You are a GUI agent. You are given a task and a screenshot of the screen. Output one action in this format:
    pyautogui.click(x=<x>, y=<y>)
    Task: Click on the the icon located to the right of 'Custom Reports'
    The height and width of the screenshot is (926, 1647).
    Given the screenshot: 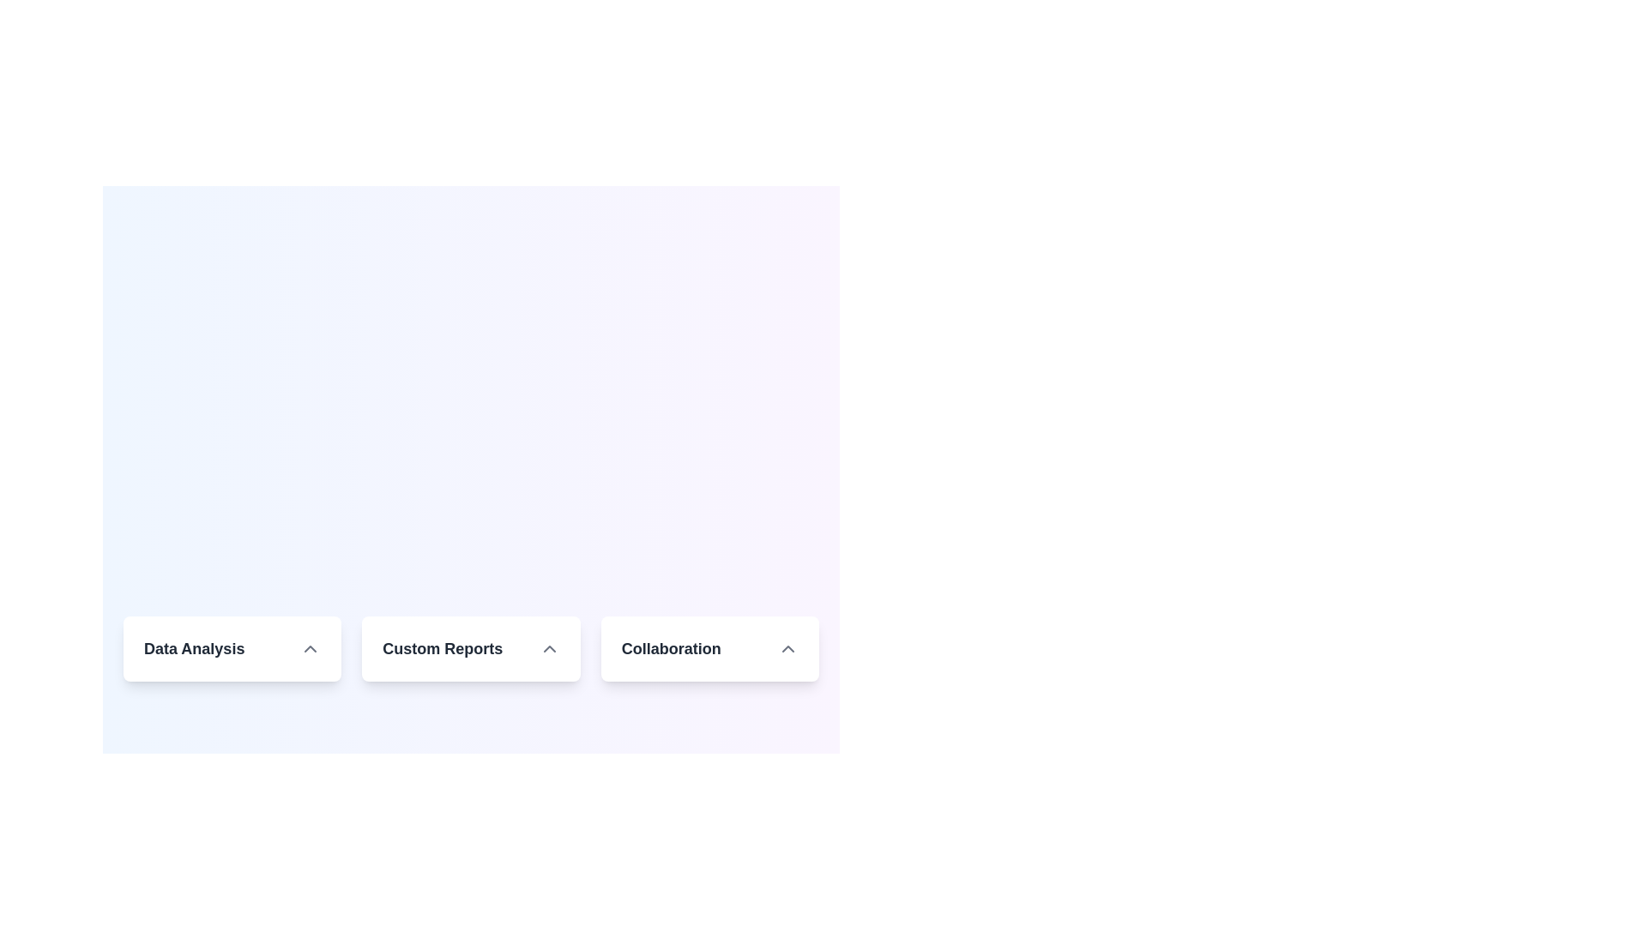 What is the action you would take?
    pyautogui.click(x=549, y=648)
    